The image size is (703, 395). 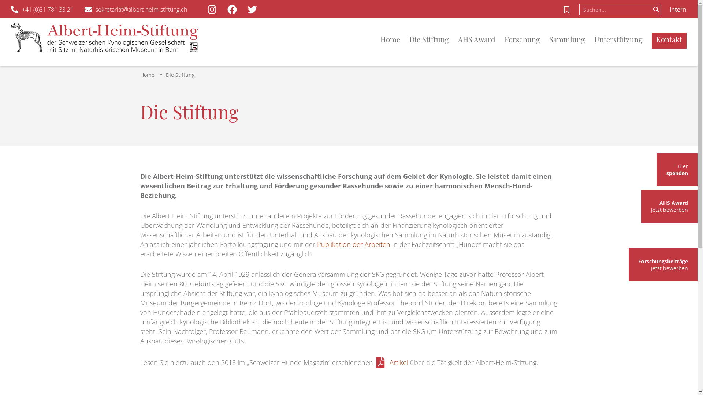 What do you see at coordinates (380, 40) in the screenshot?
I see `'Home'` at bounding box center [380, 40].